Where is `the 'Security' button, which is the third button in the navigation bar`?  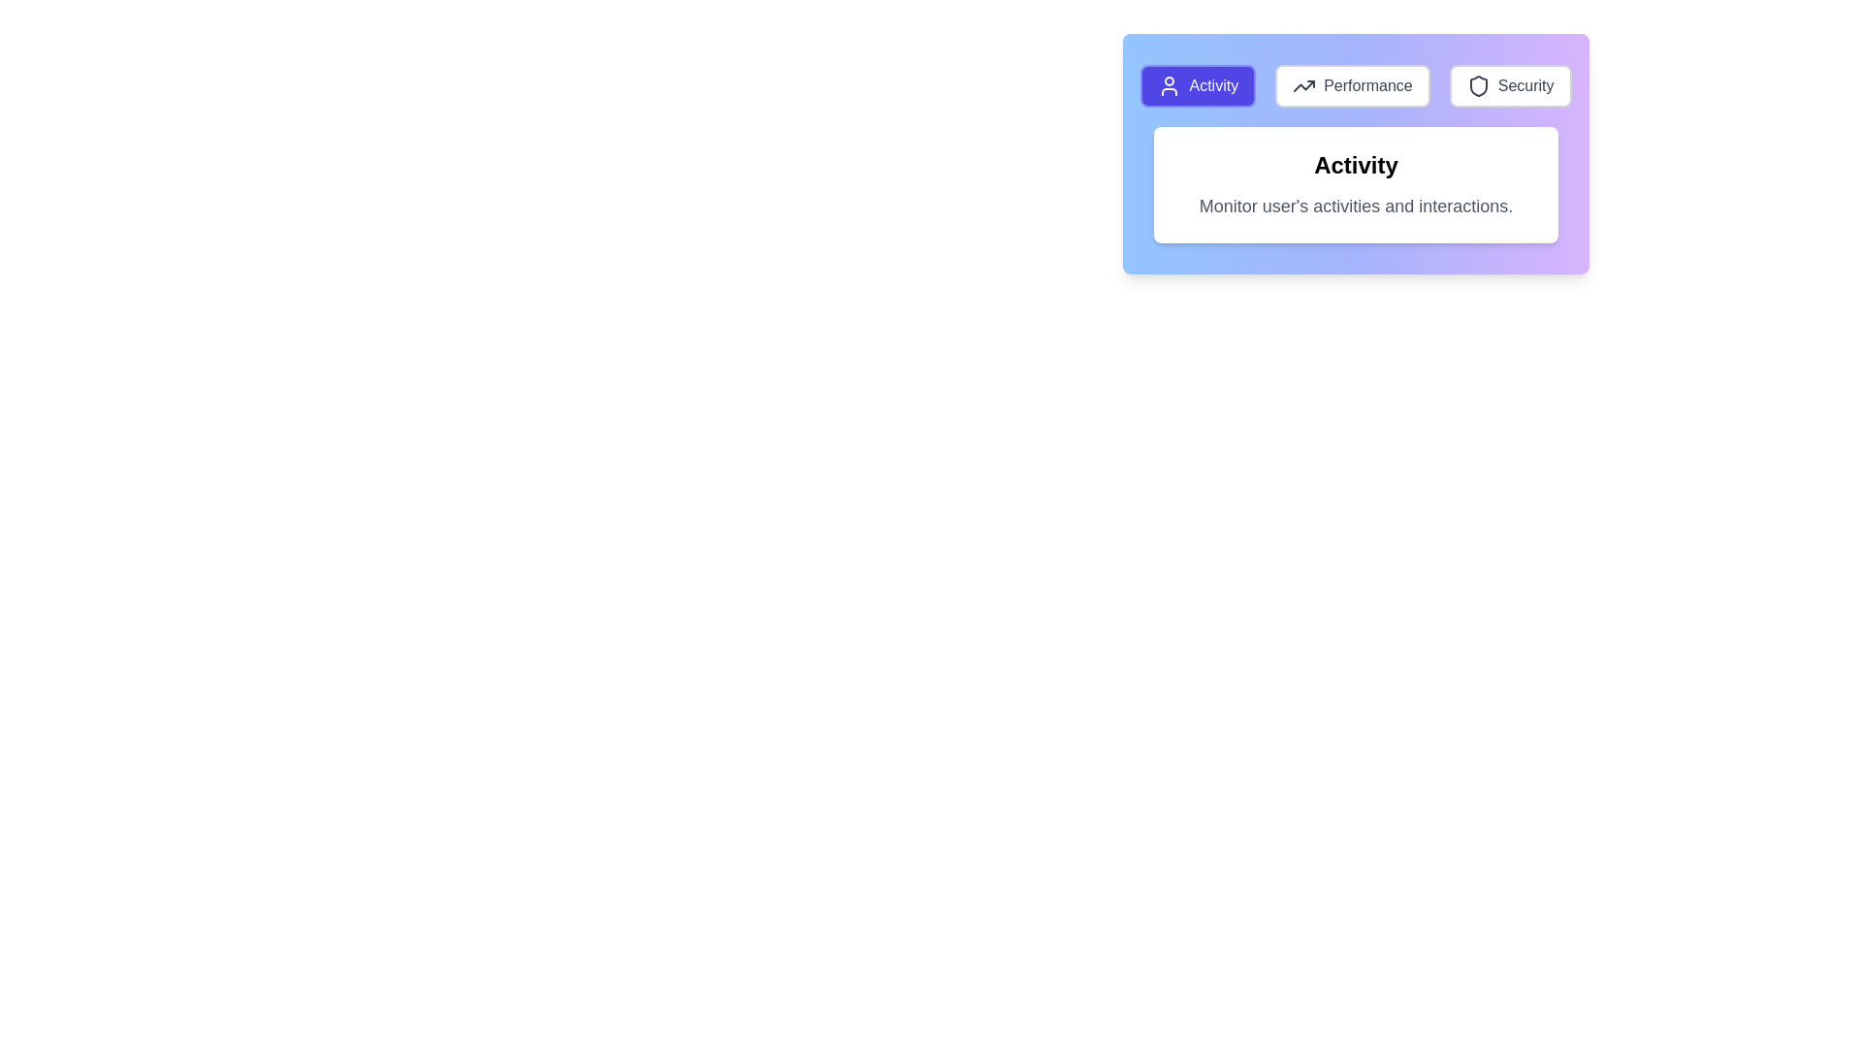 the 'Security' button, which is the third button in the navigation bar is located at coordinates (1508, 84).